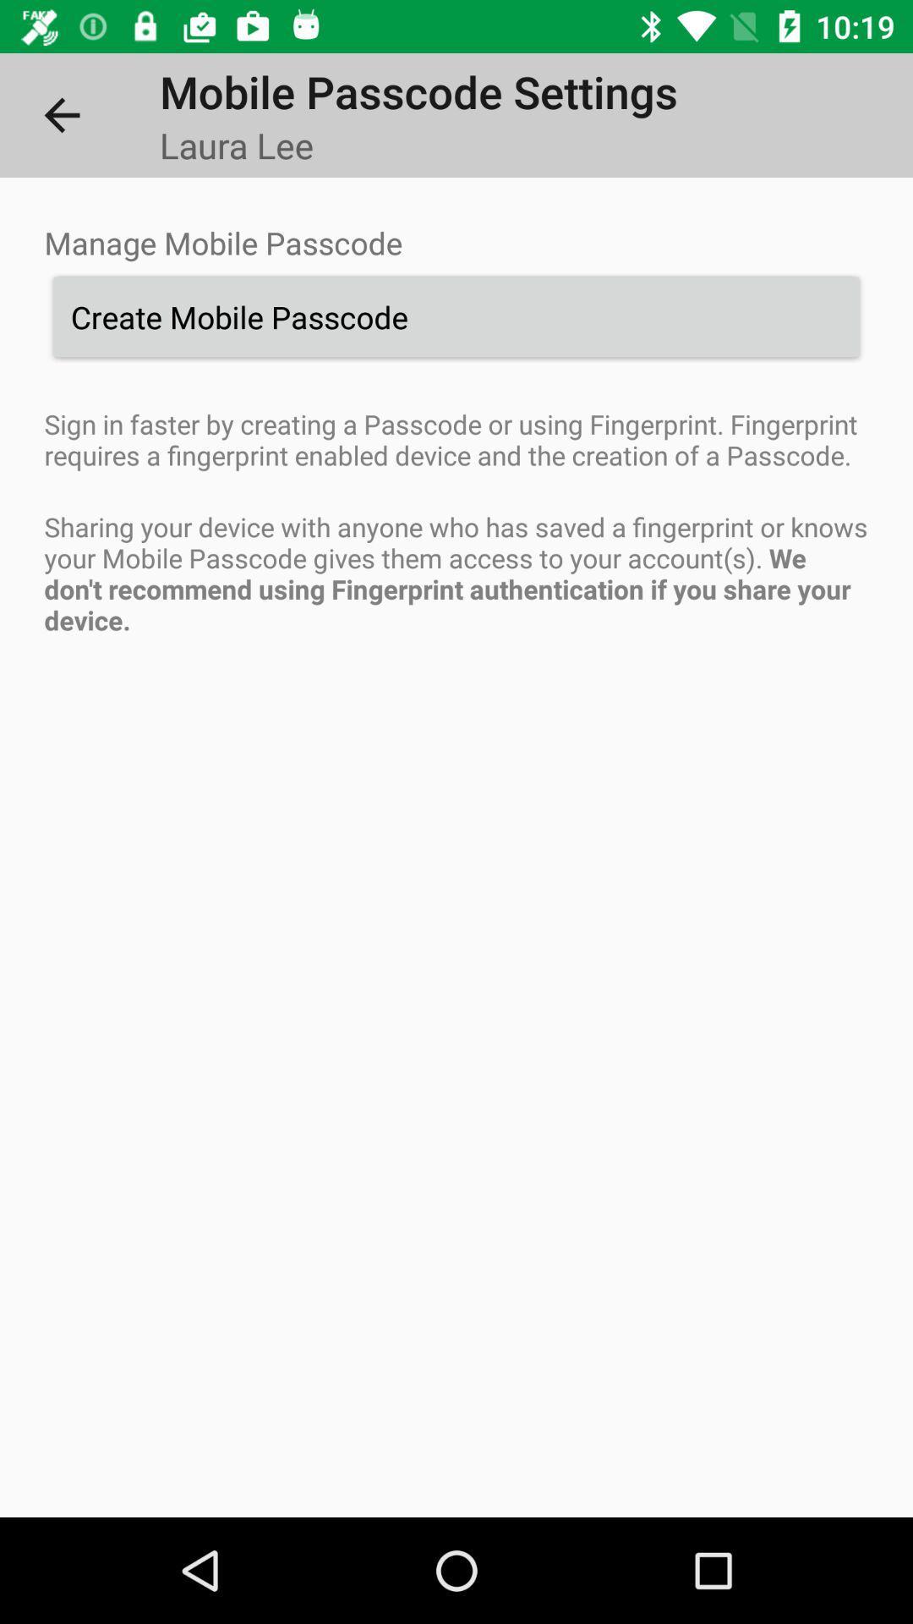  What do you see at coordinates (61, 114) in the screenshot?
I see `item above manage mobile passcode item` at bounding box center [61, 114].